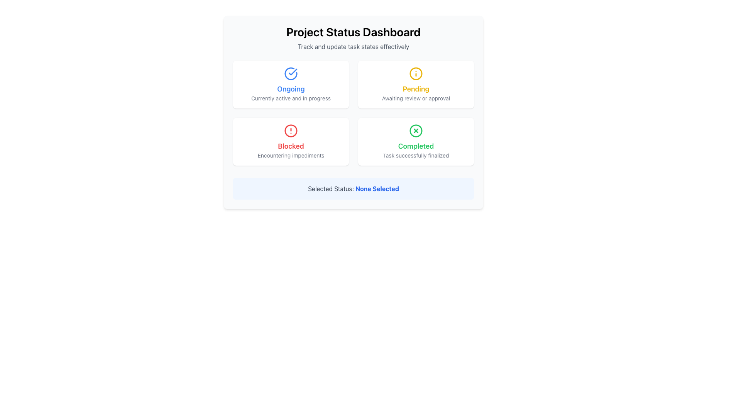 This screenshot has height=417, width=741. Describe the element at coordinates (416, 141) in the screenshot. I see `the Informational card located in the bottom right cell of the grid layout, which indicates the status of completed tasks with color and iconography` at that location.